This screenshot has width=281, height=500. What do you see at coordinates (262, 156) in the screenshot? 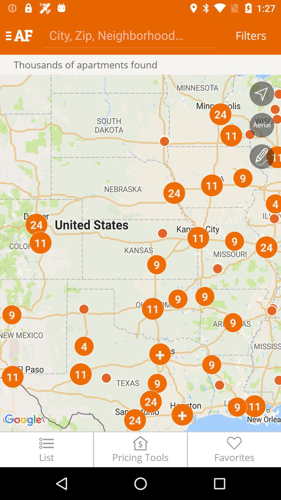
I see `icon above favorites` at bounding box center [262, 156].